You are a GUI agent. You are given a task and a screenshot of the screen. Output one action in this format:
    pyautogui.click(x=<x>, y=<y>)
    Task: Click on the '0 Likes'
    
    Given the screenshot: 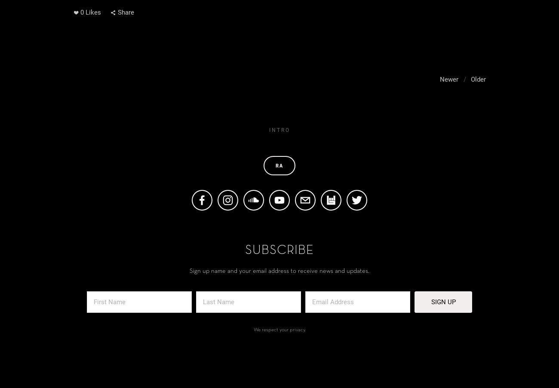 What is the action you would take?
    pyautogui.click(x=90, y=12)
    